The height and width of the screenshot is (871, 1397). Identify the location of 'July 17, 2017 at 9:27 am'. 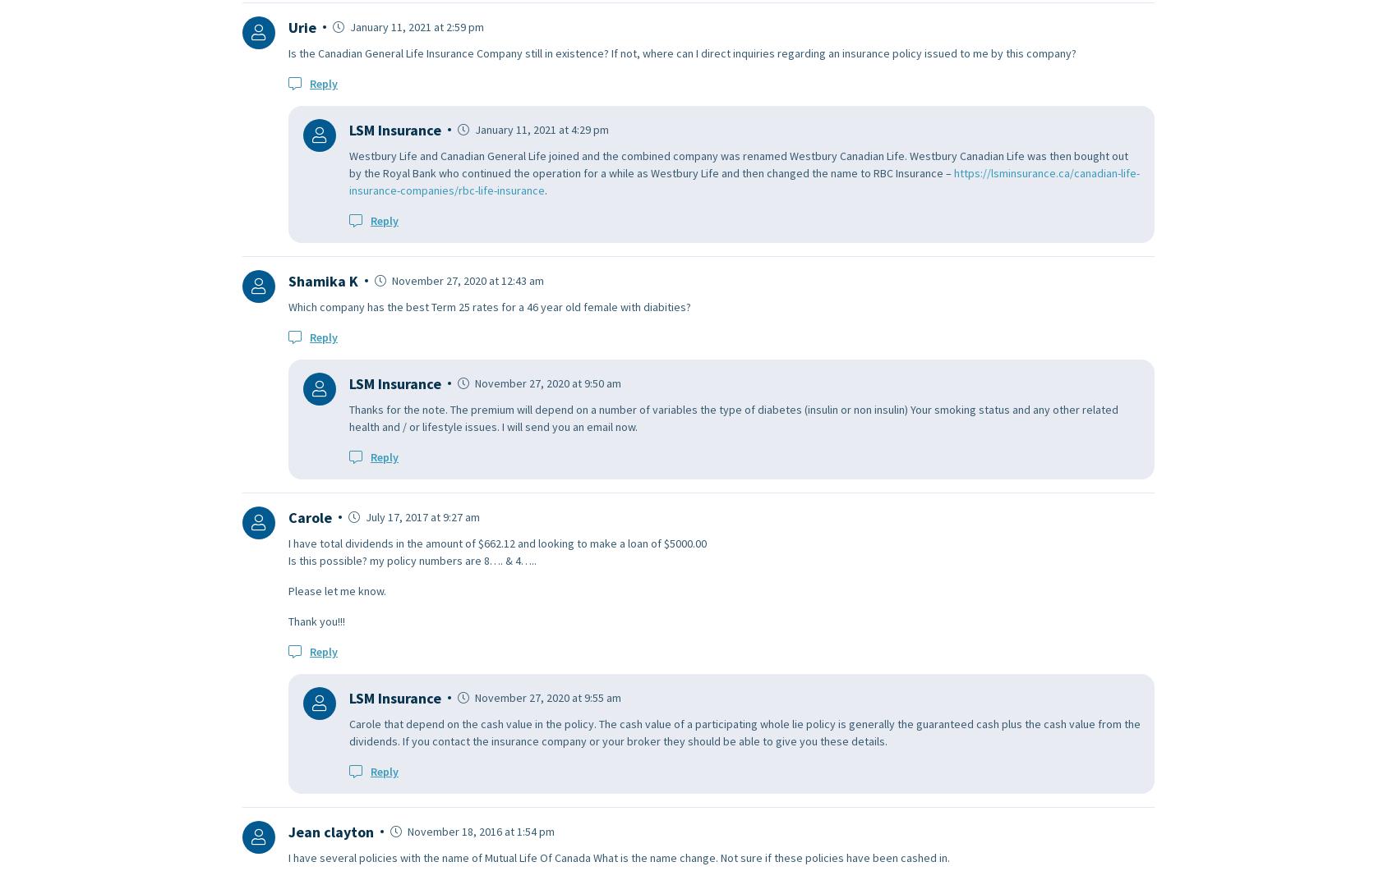
(422, 515).